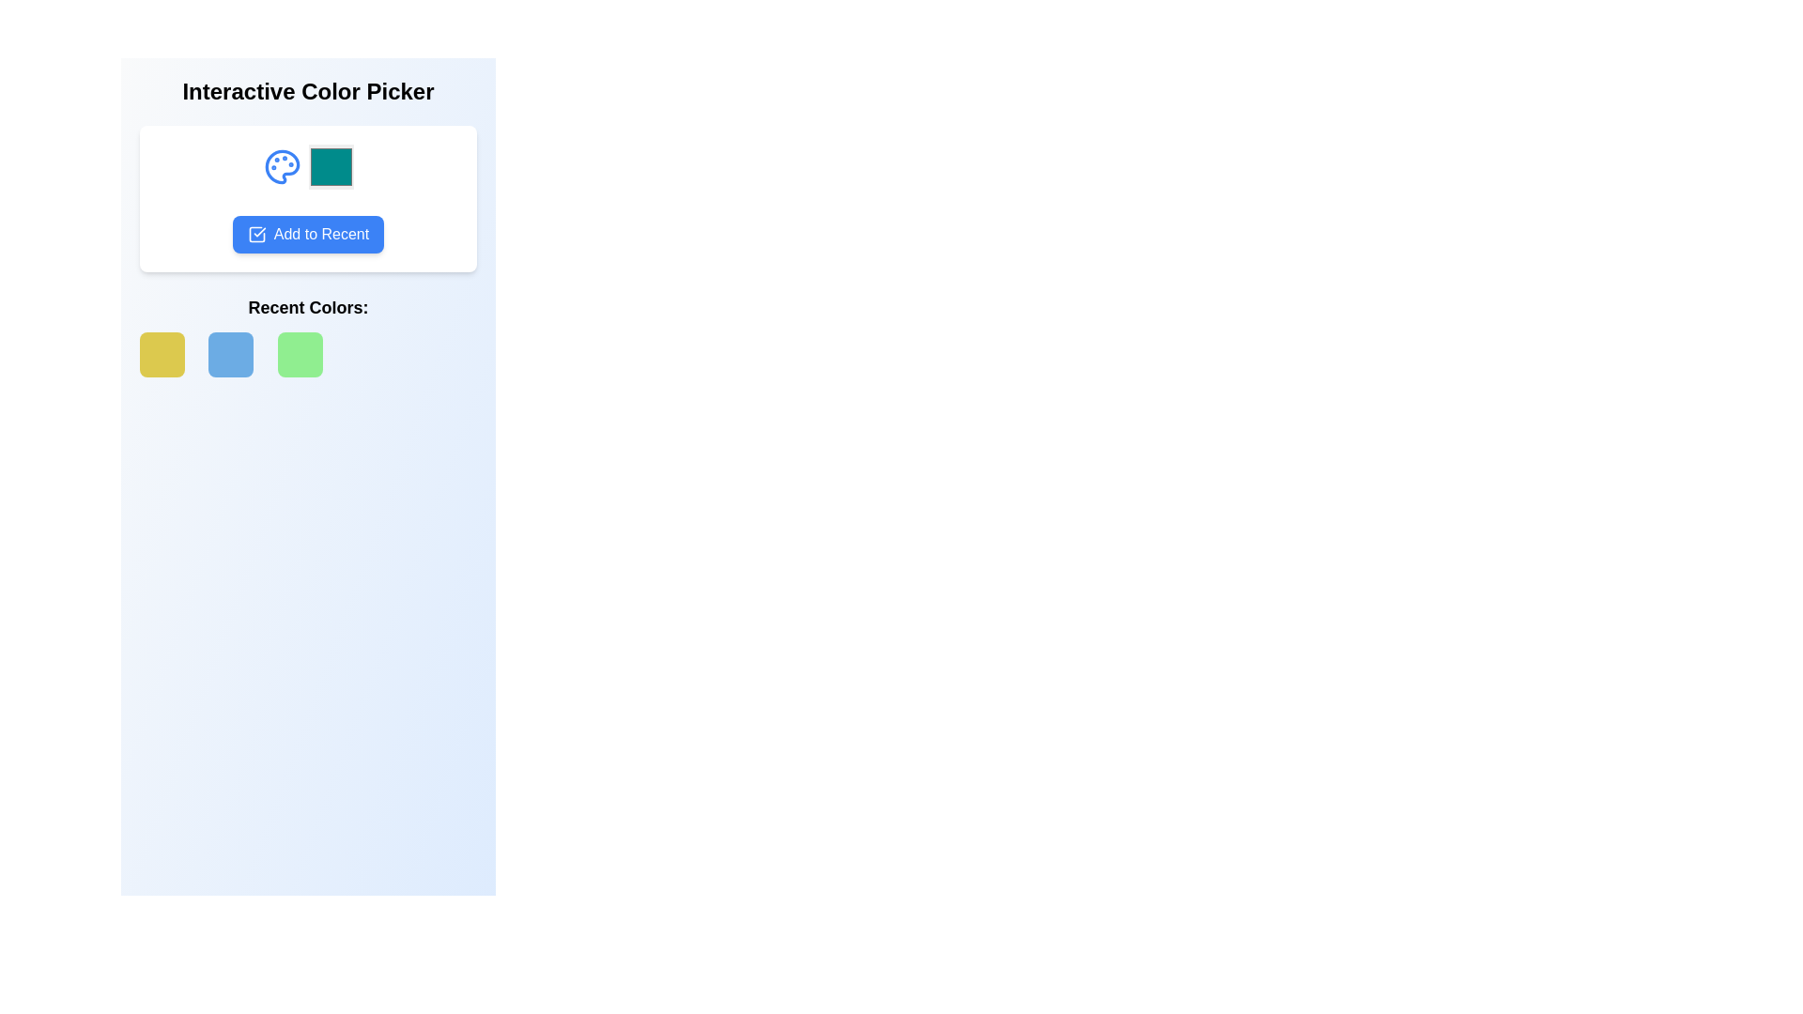 This screenshot has height=1014, width=1803. What do you see at coordinates (299, 355) in the screenshot?
I see `the third color indicator box from the left in the 'Recent Colors' section` at bounding box center [299, 355].